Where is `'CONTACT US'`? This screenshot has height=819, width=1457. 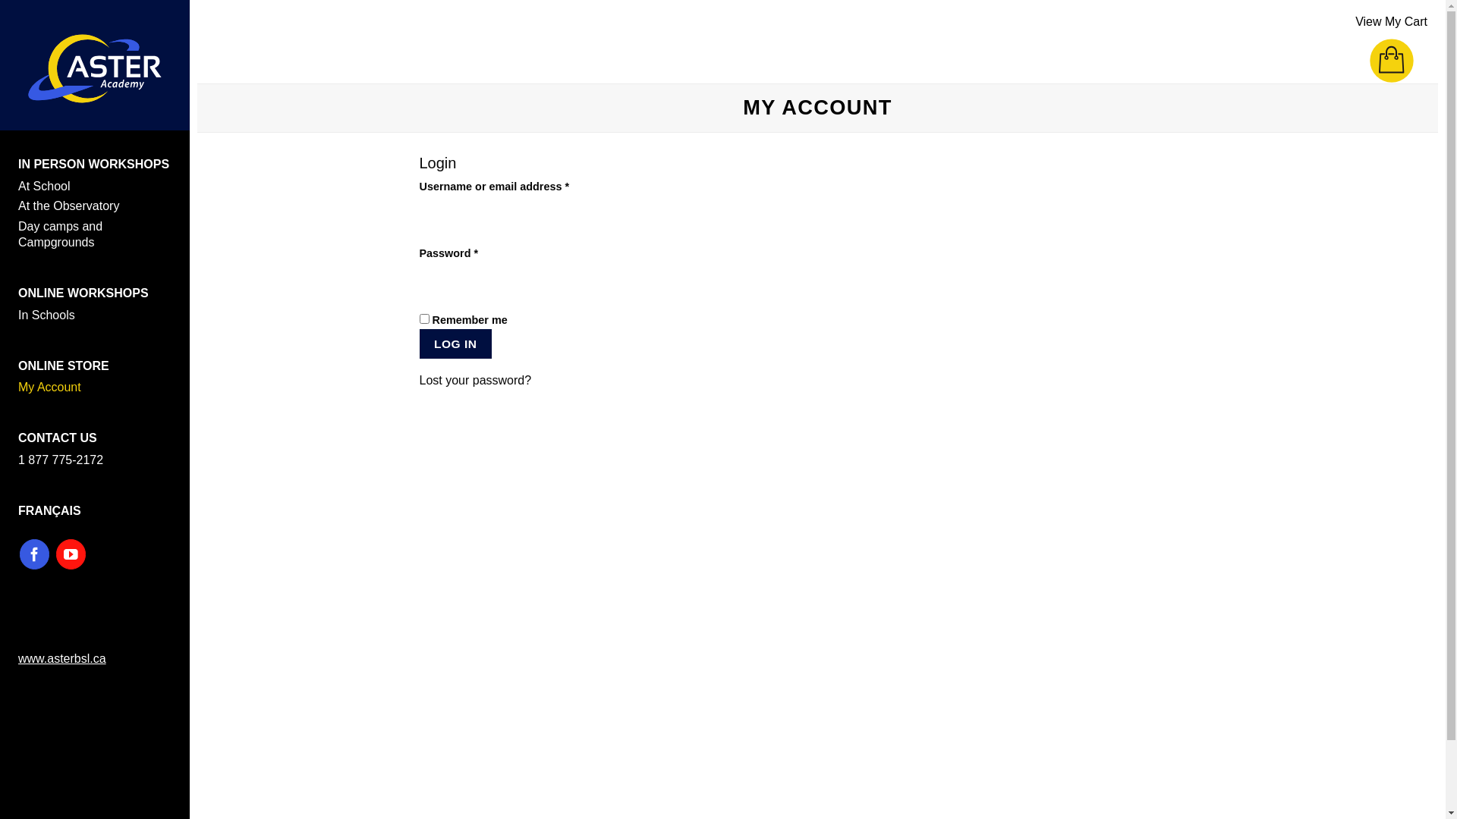
'CONTACT US' is located at coordinates (58, 438).